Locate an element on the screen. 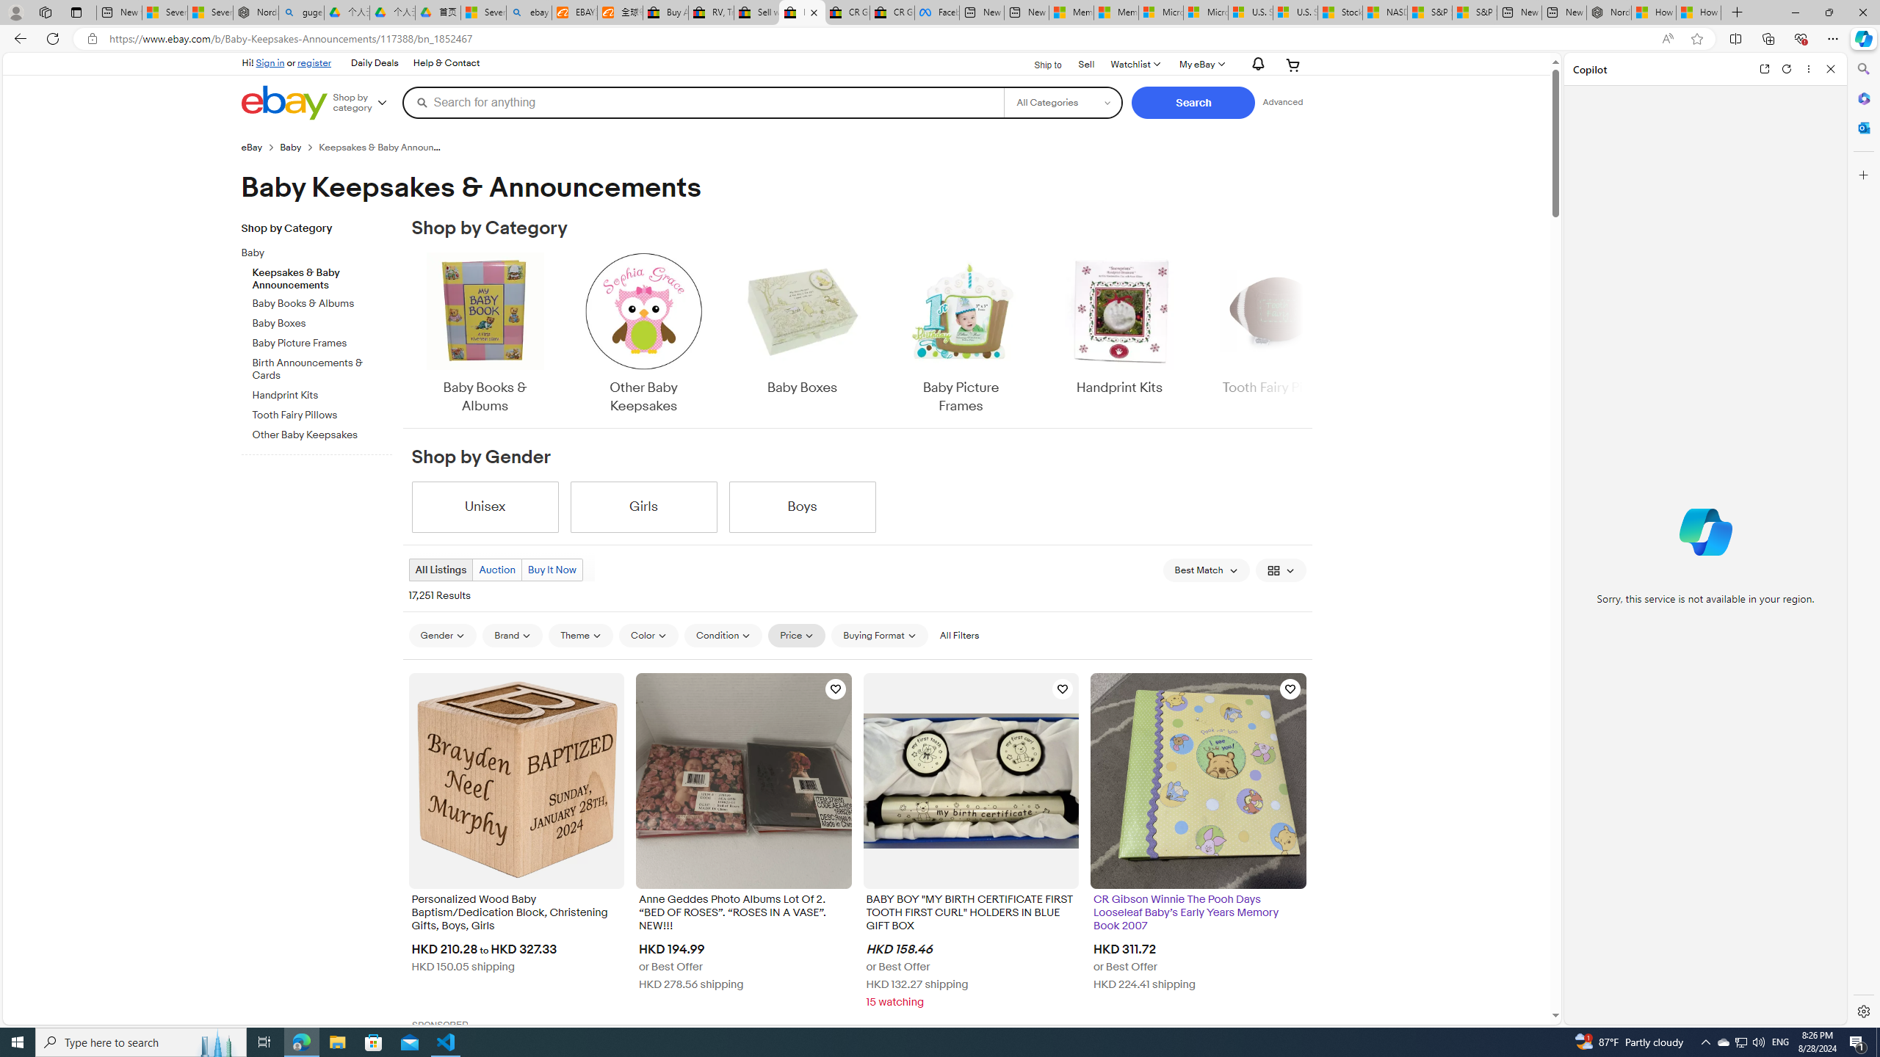 Image resolution: width=1880 pixels, height=1057 pixels. 'Price' is located at coordinates (796, 635).